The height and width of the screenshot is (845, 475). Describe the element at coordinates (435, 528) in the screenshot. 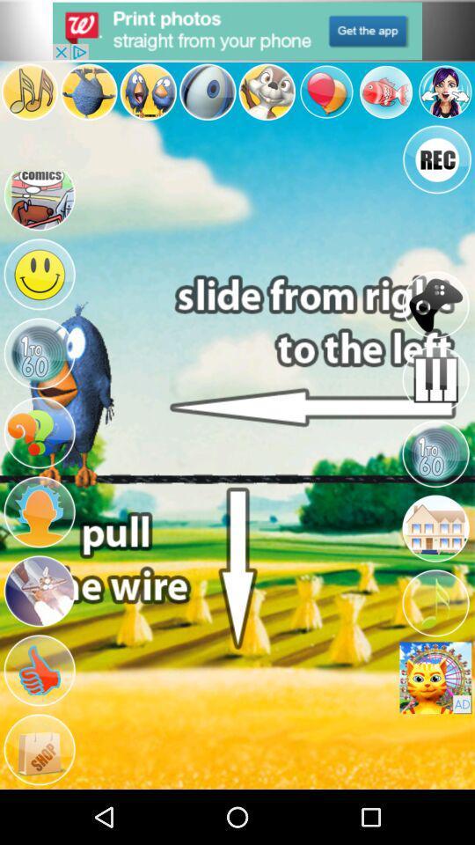

I see `the icon which is above the music icon` at that location.